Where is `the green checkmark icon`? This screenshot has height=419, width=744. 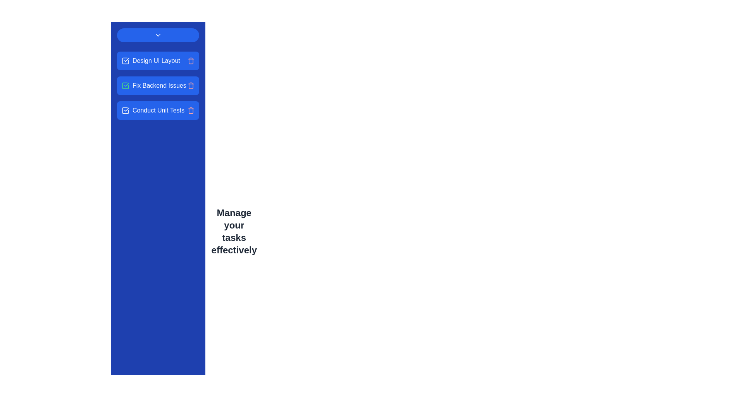
the green checkmark icon is located at coordinates (157, 85).